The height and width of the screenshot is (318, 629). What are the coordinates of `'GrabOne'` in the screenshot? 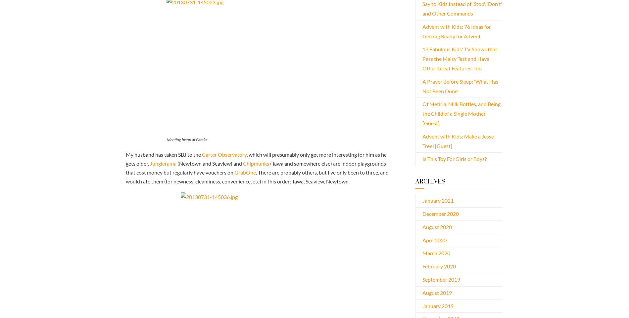 It's located at (234, 172).